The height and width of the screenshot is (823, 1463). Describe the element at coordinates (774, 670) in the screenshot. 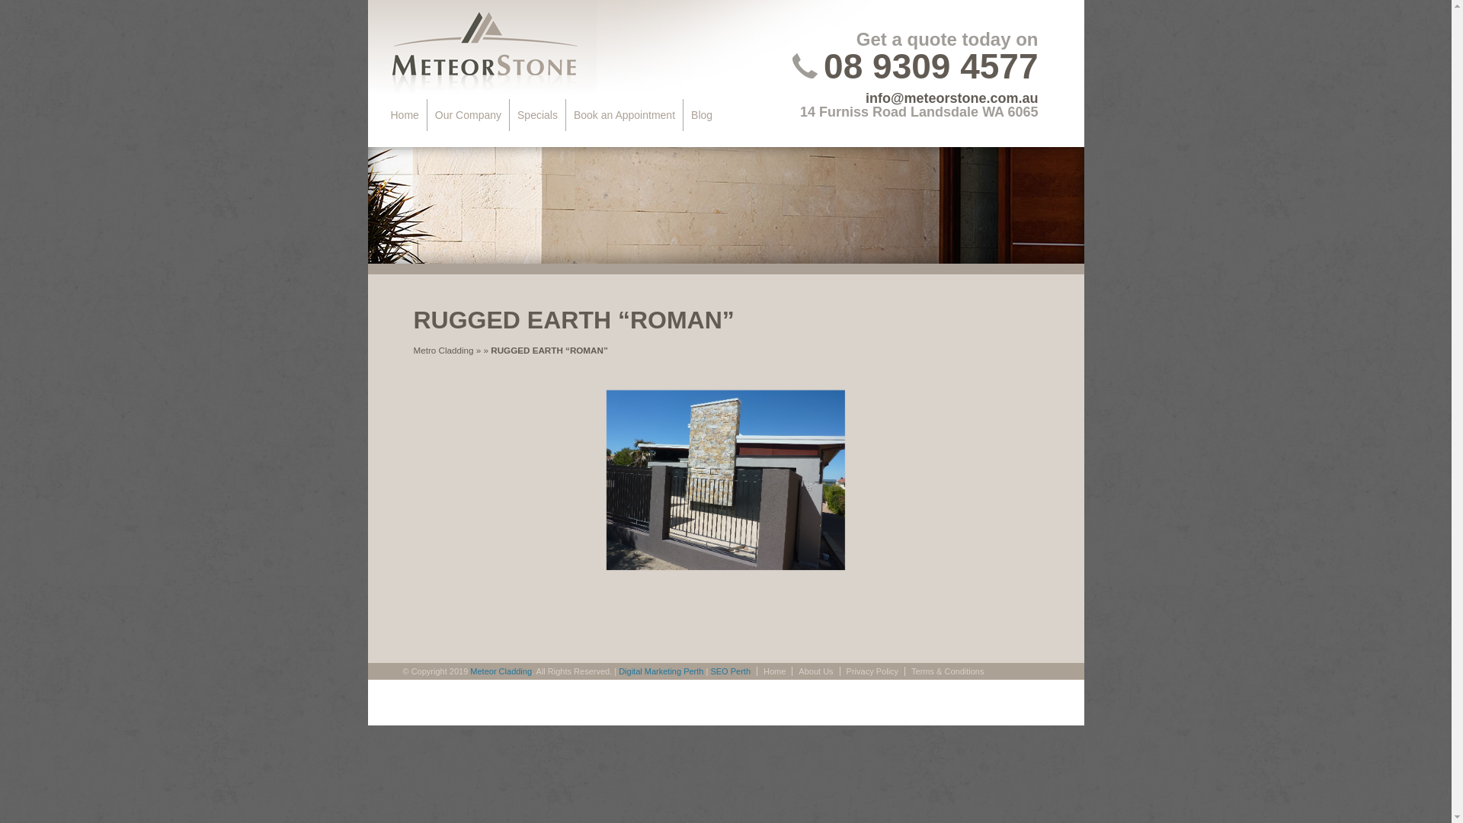

I see `'Home'` at that location.